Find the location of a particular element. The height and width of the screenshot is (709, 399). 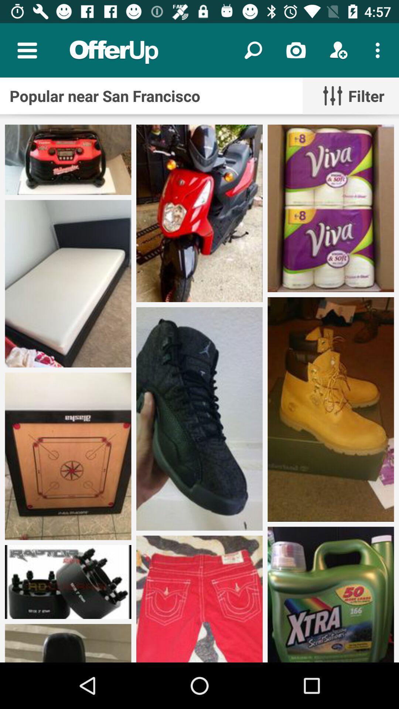

icon filter is located at coordinates (350, 95).